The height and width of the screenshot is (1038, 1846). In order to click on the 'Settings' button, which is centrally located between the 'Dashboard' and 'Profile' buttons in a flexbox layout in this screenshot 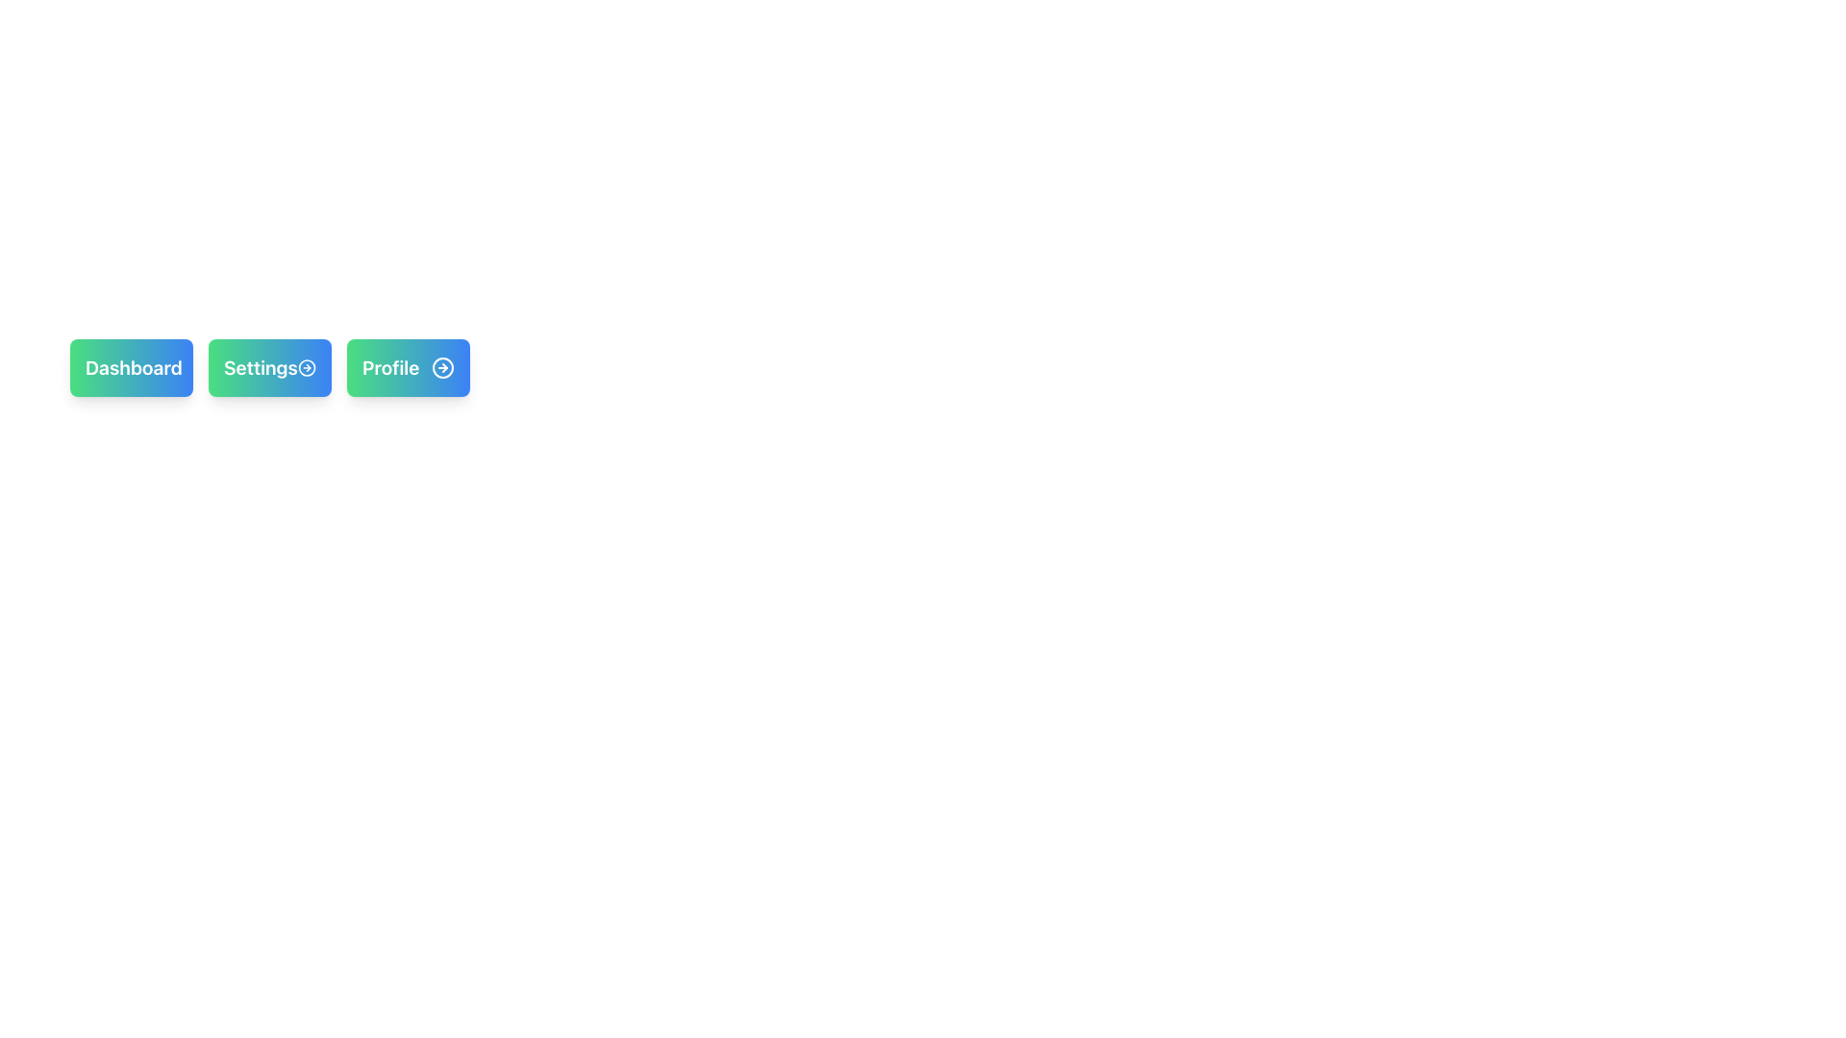, I will do `click(269, 367)`.